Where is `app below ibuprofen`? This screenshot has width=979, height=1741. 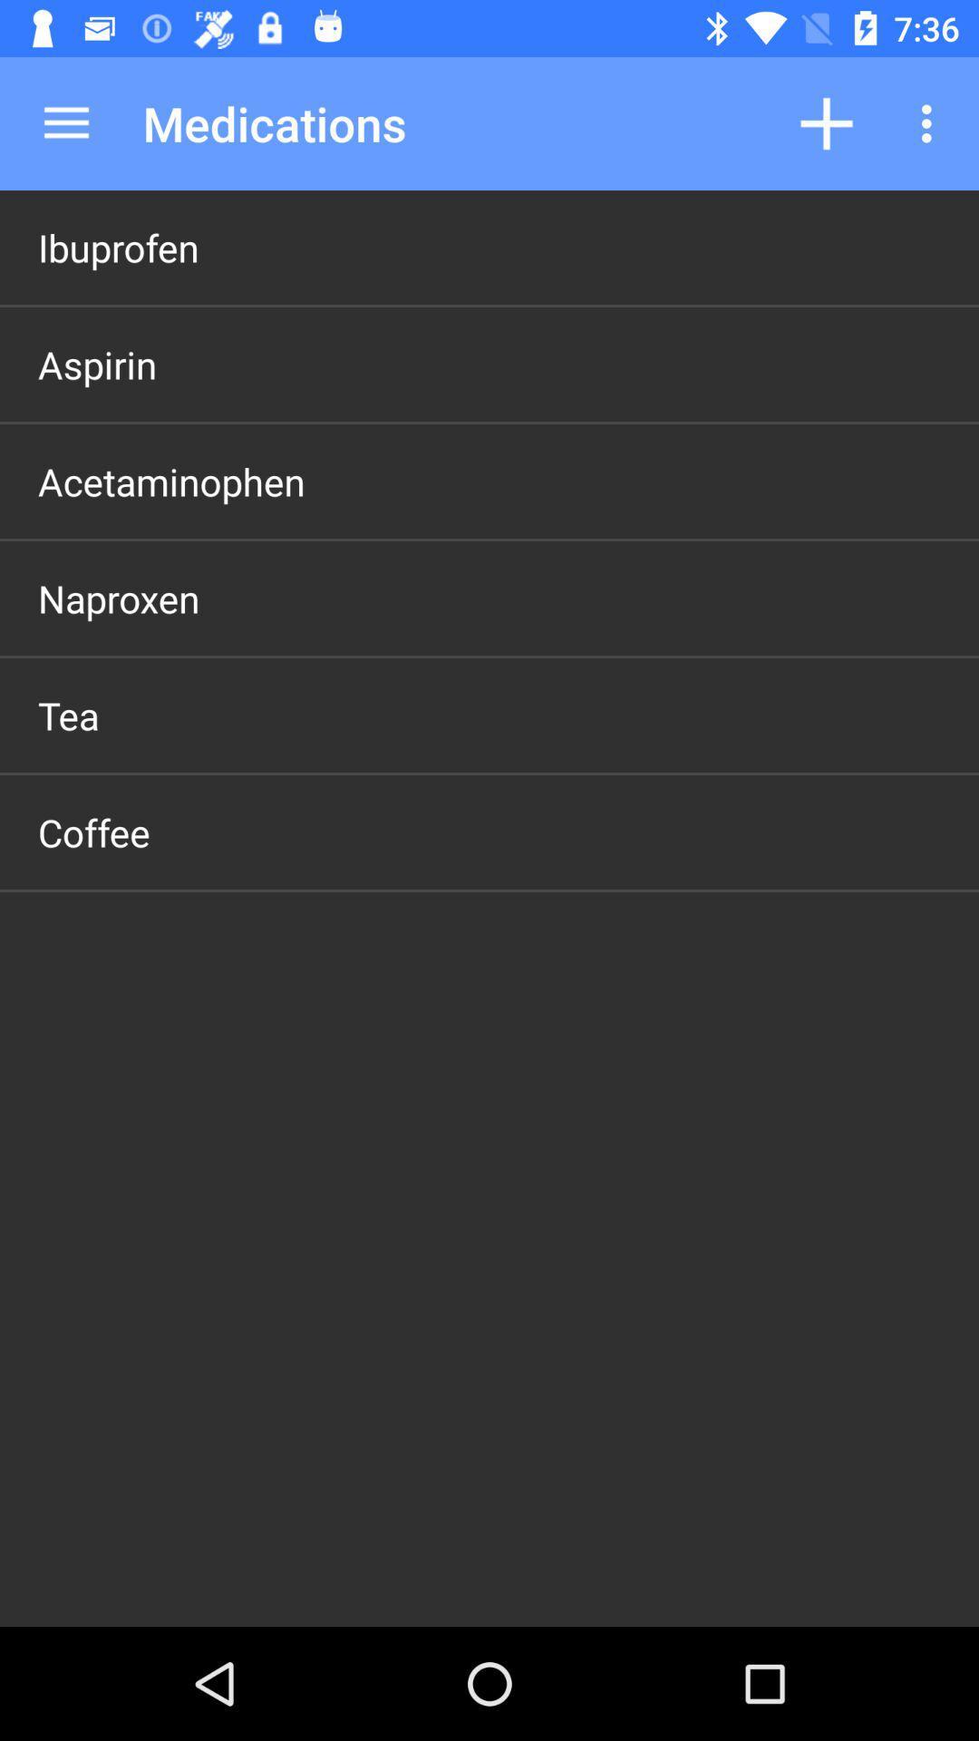
app below ibuprofen is located at coordinates (97, 364).